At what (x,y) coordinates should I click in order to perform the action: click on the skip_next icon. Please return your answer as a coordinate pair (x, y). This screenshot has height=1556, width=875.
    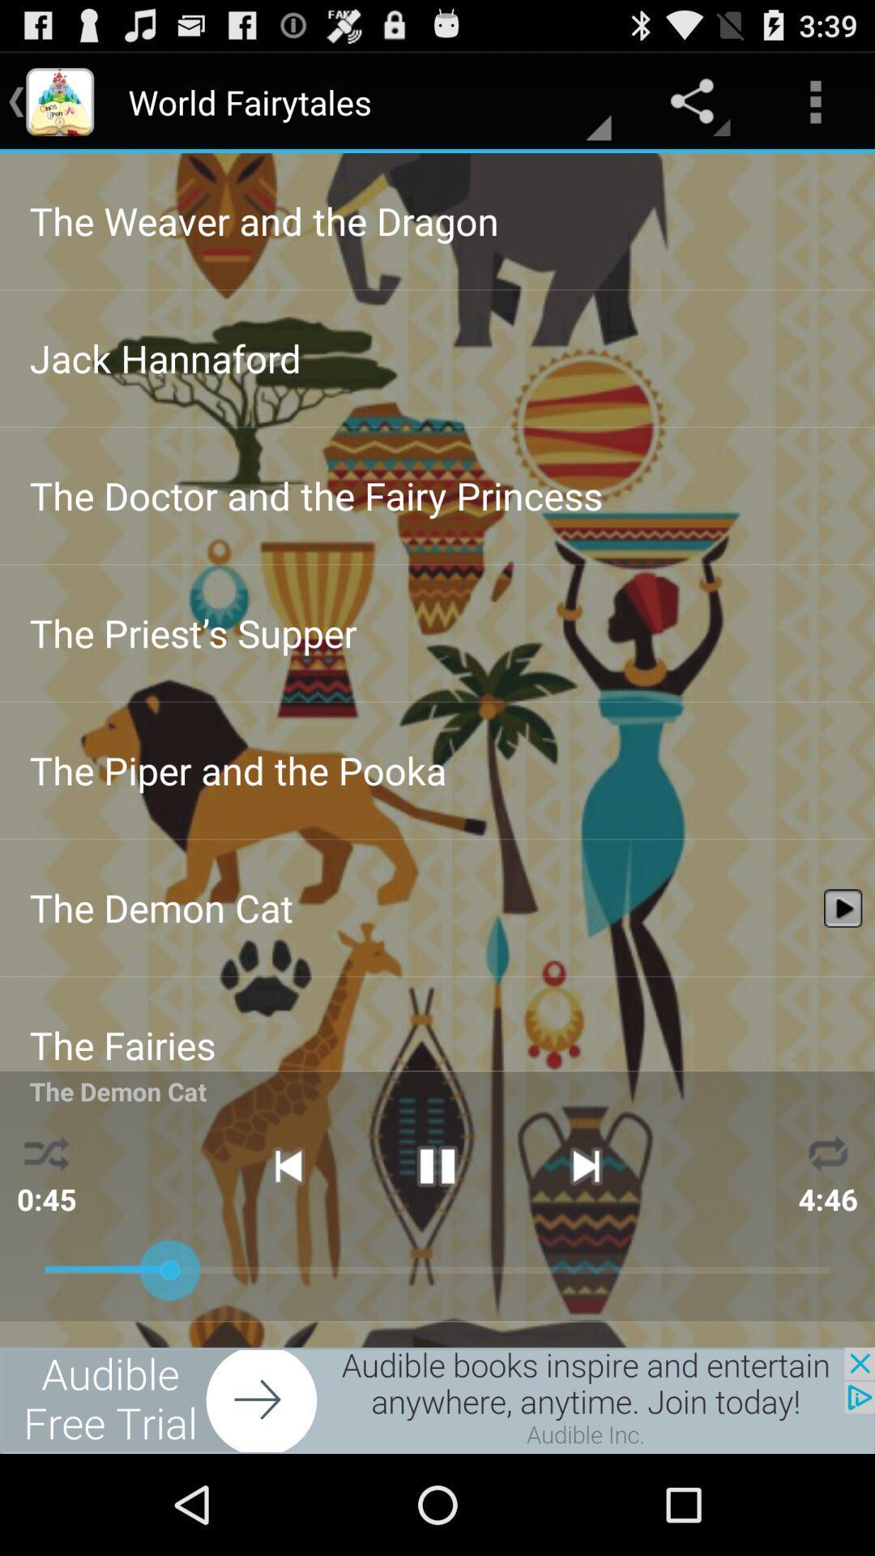
    Looking at the image, I should click on (586, 1246).